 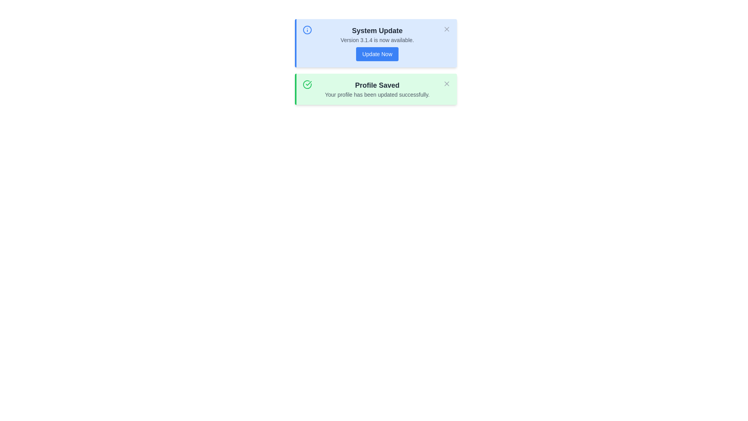 I want to click on the SVG Circle that is part of the information icon in the top-left corner of the 'System Update' notification, so click(x=307, y=30).